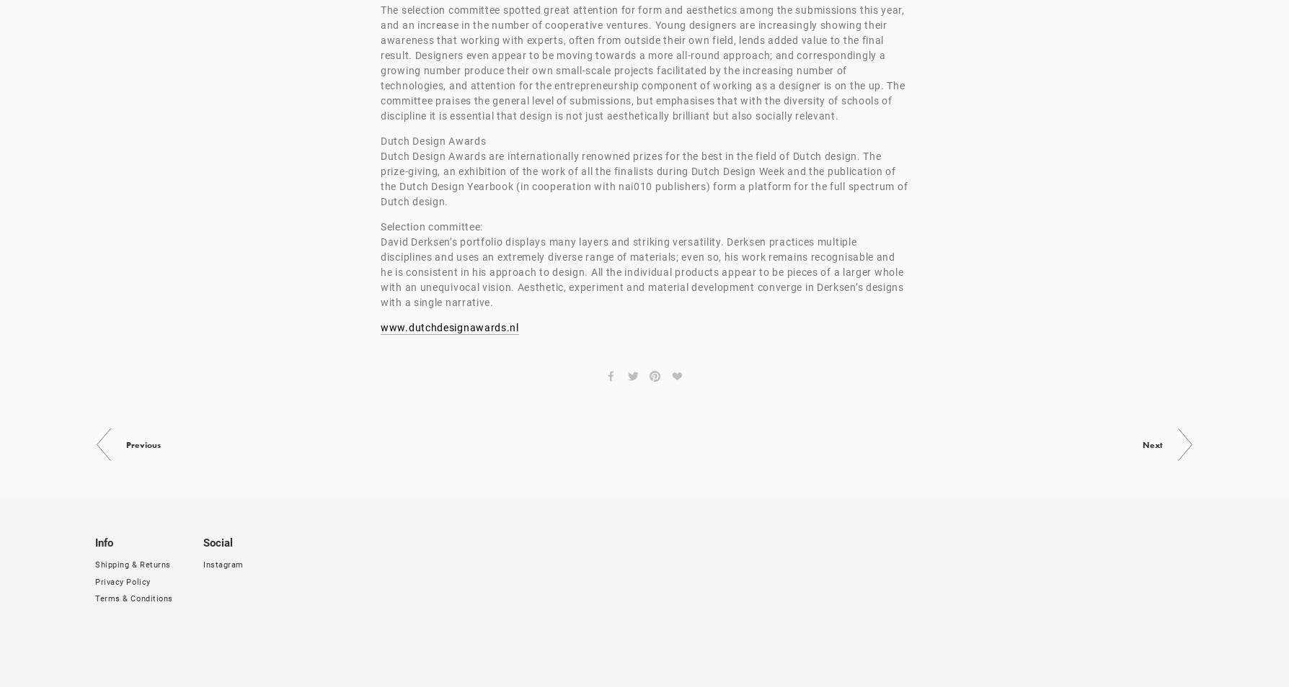 Image resolution: width=1289 pixels, height=687 pixels. Describe the element at coordinates (645, 179) in the screenshot. I see `'Dutch Design Awards are internationally renowned prizes for the best in the field of Dutch design. The prize-giving, an exhibition of the work of all the finalists during Dutch Design Week and the publication of the Dutch Design Yearbook (in cooperation with nai010 publishers) form a platform for the full spectrum of Dutch design.'` at that location.